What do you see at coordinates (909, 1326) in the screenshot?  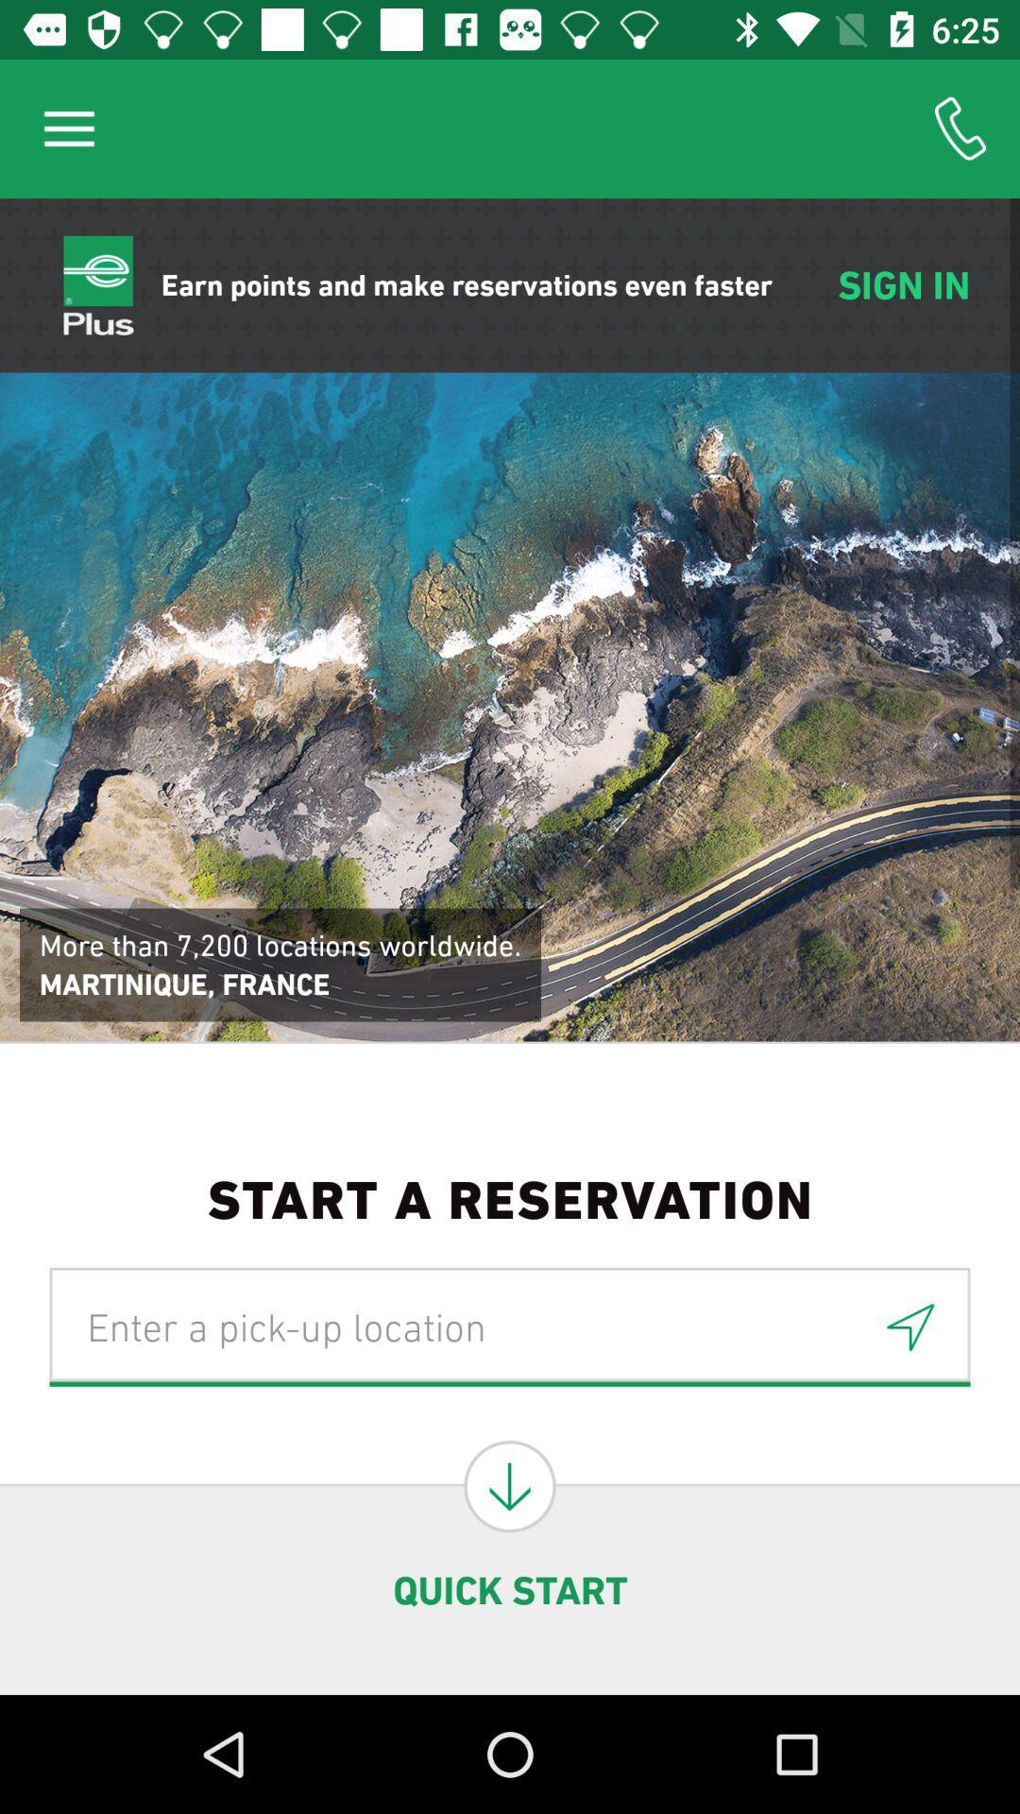 I see `the navigation icon` at bounding box center [909, 1326].